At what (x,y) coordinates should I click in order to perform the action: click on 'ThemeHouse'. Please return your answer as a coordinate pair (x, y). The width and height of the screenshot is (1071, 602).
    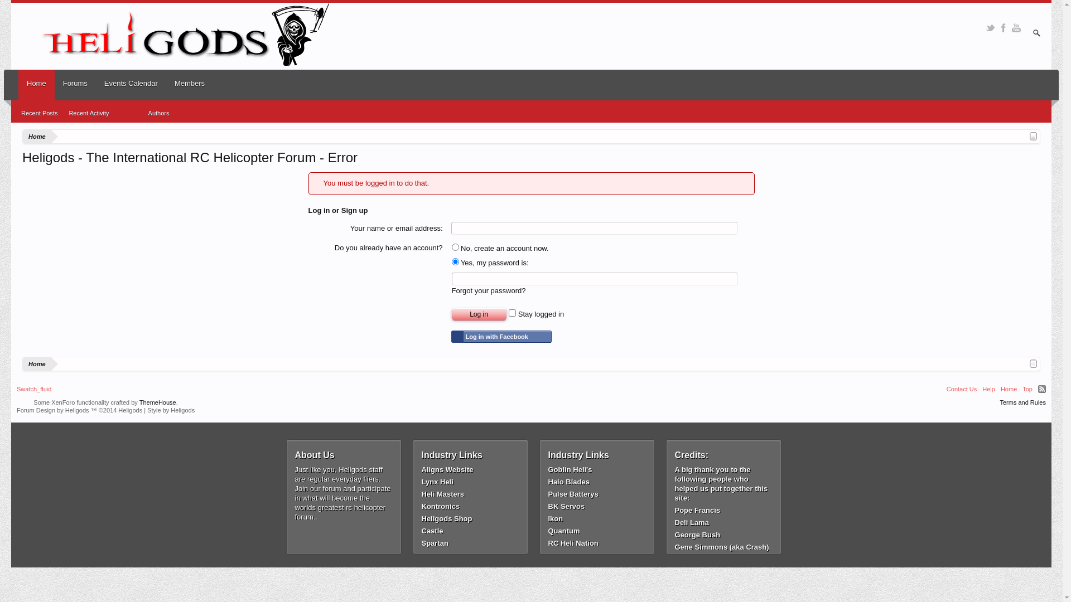
    Looking at the image, I should click on (157, 402).